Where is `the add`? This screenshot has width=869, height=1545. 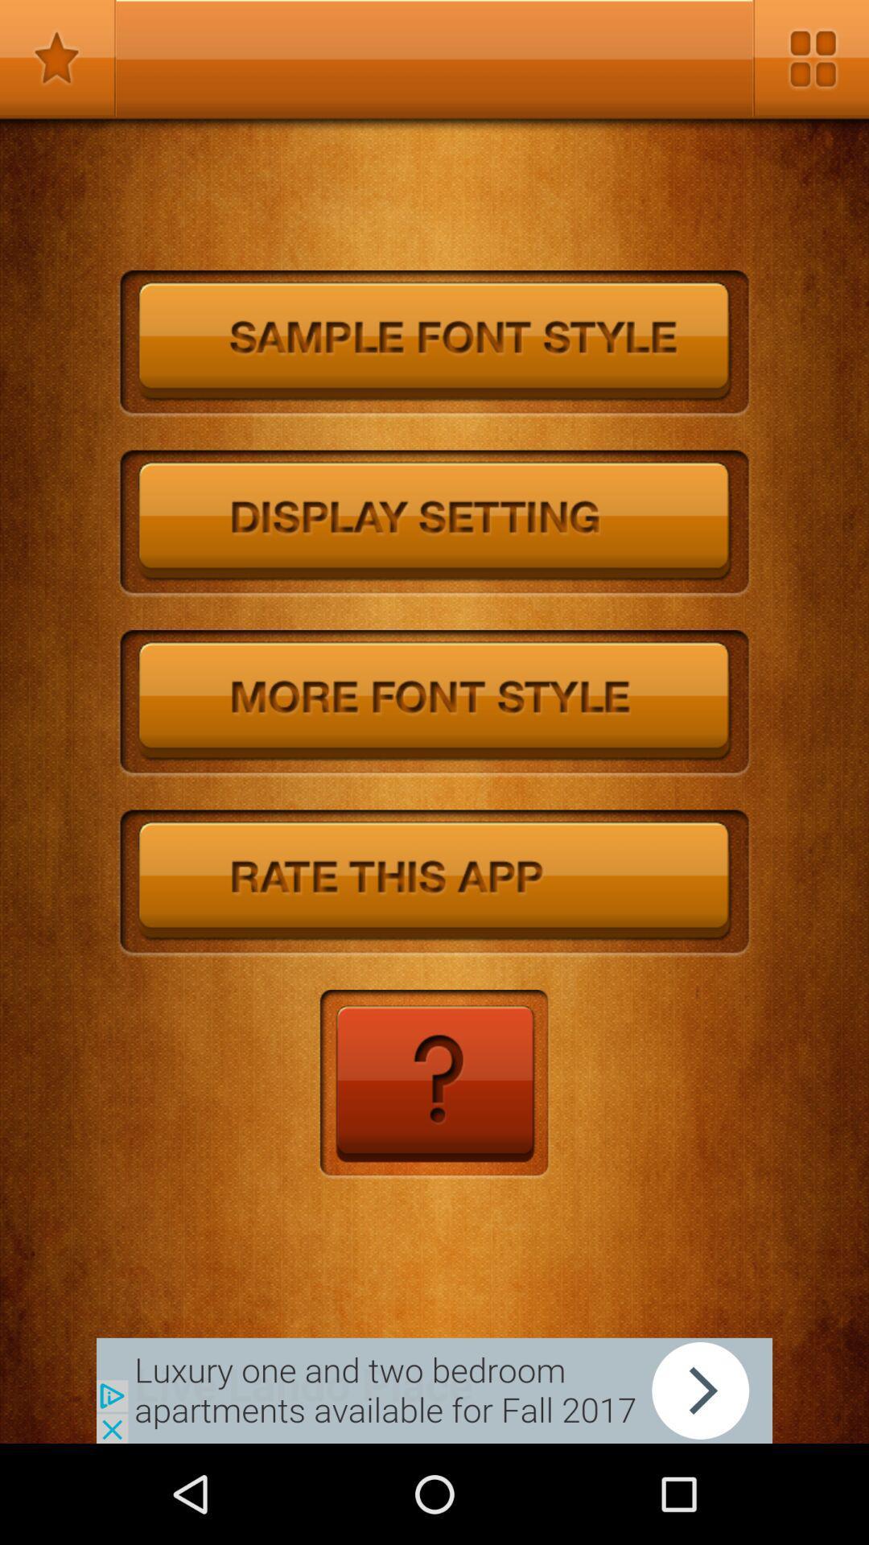
the add is located at coordinates (434, 1390).